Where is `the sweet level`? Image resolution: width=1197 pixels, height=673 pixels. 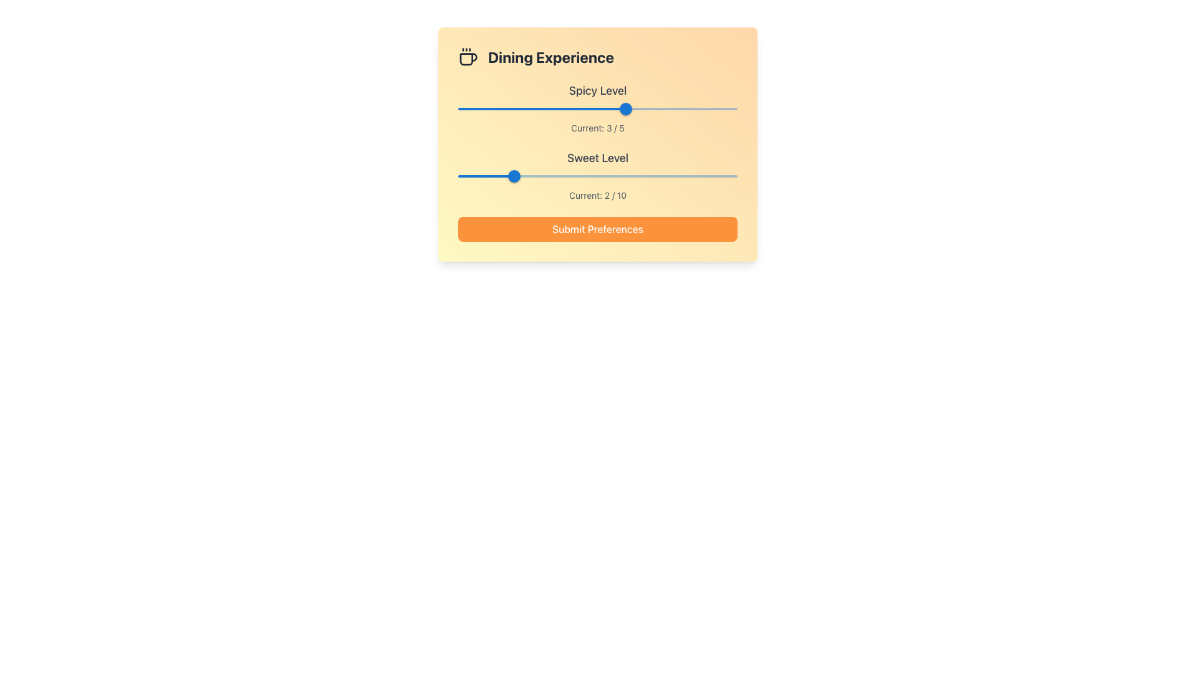
the sweet level is located at coordinates (706, 176).